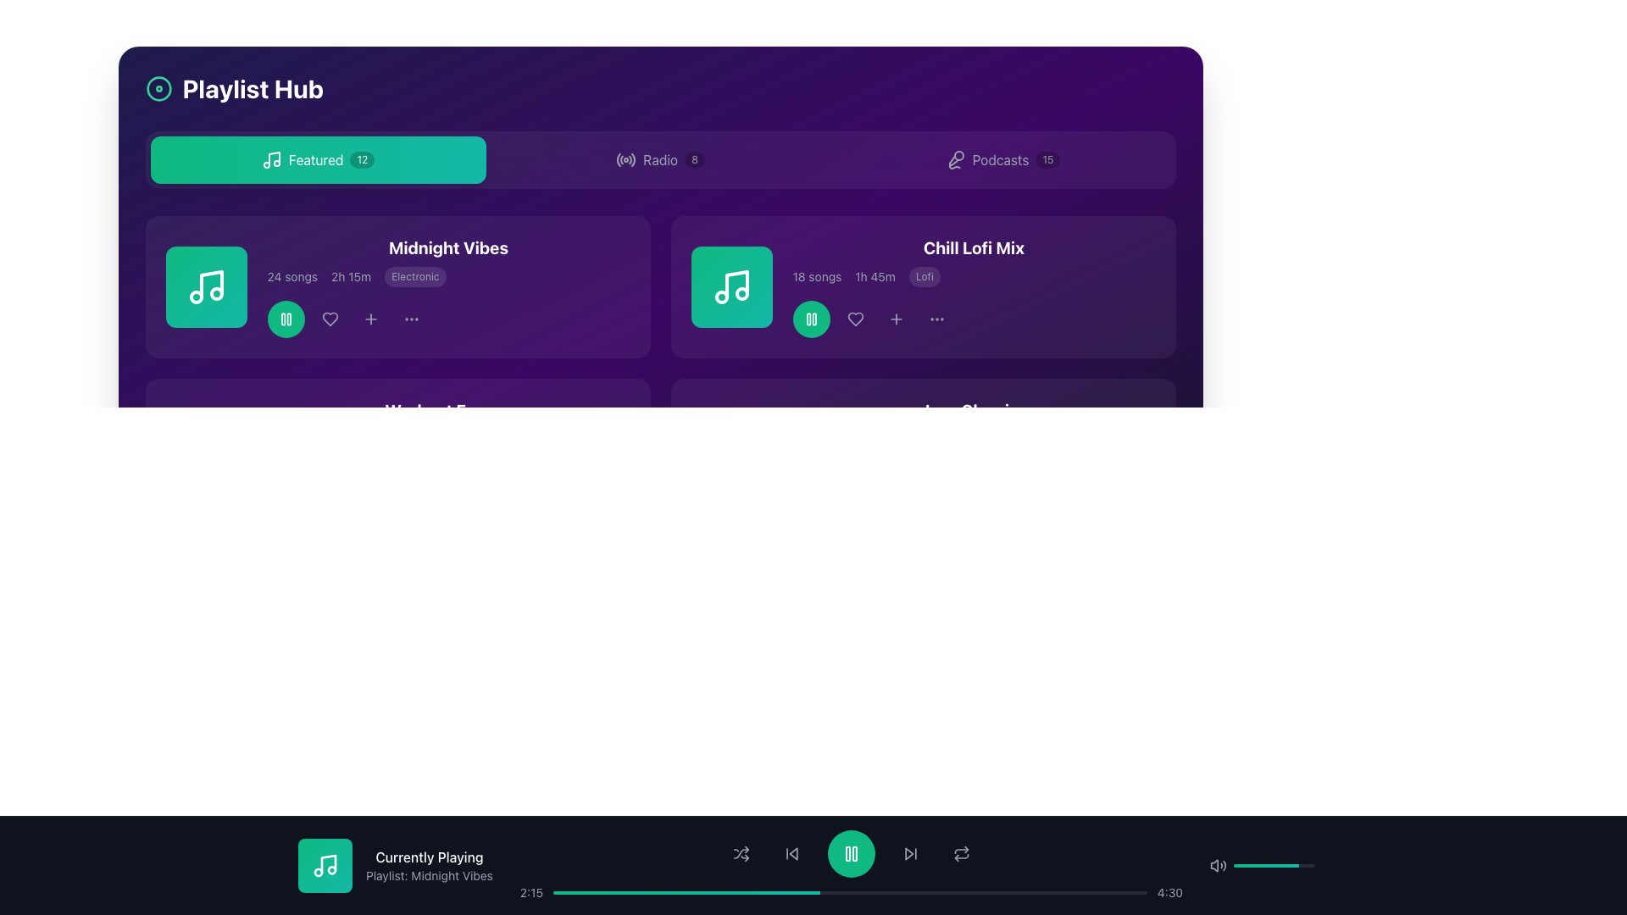 This screenshot has width=1627, height=915. I want to click on the three horizontally aligned light gray dots, which form an ellipsis symbol, located to the right of the '+' icon in the interface, so click(936, 319).